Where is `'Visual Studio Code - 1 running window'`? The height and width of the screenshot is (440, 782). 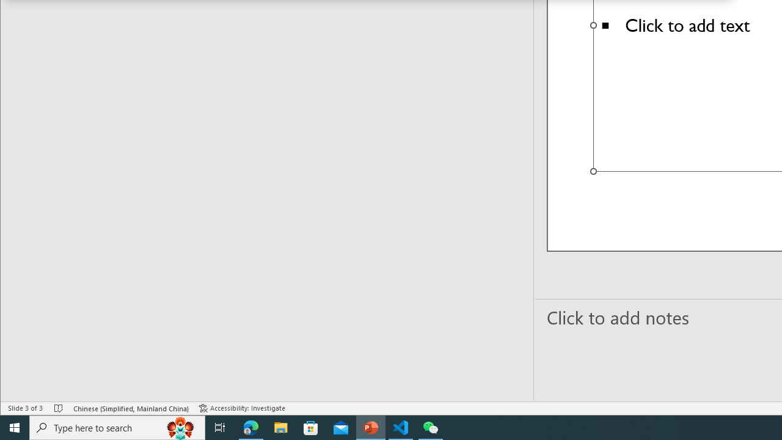 'Visual Studio Code - 1 running window' is located at coordinates (401, 427).